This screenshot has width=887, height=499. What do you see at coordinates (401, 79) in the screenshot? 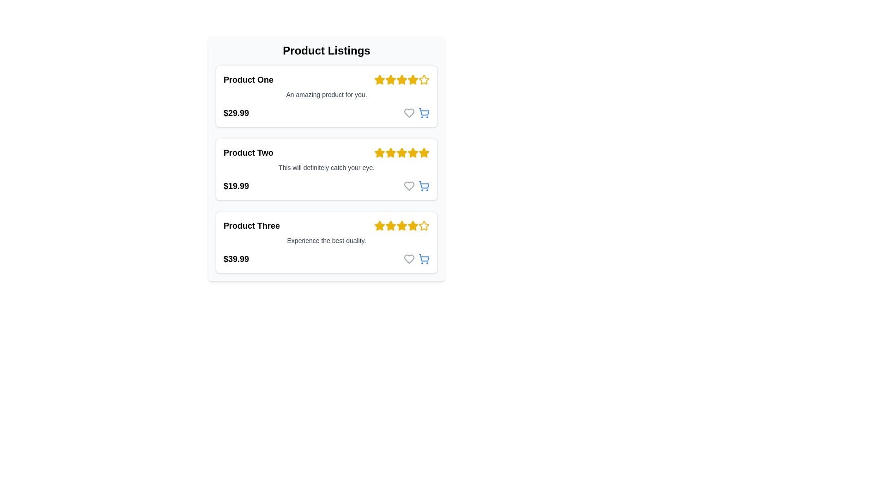
I see `the fourth star icon in the five-star rating system for 'Product One'` at bounding box center [401, 79].